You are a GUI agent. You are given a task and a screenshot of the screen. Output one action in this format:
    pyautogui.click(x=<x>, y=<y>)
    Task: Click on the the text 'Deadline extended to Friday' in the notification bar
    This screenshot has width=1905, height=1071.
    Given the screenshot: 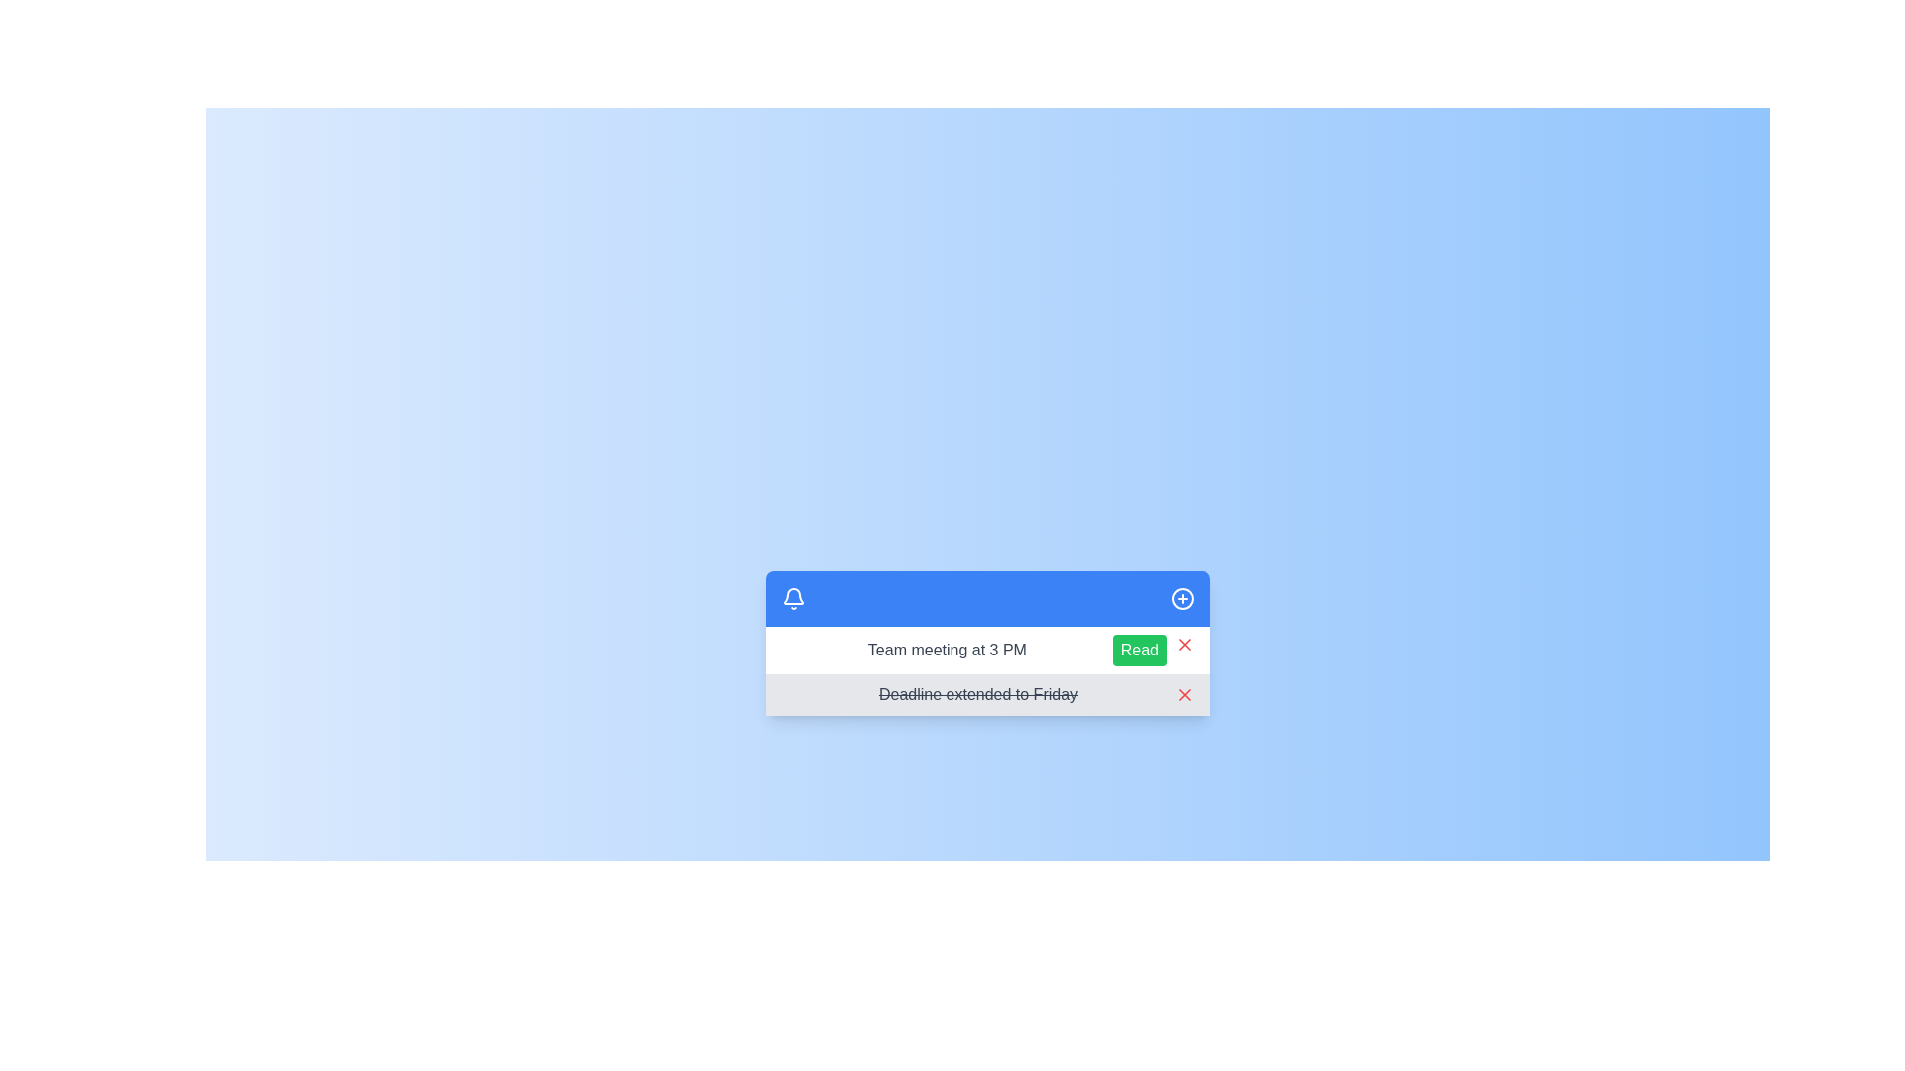 What is the action you would take?
    pyautogui.click(x=988, y=694)
    